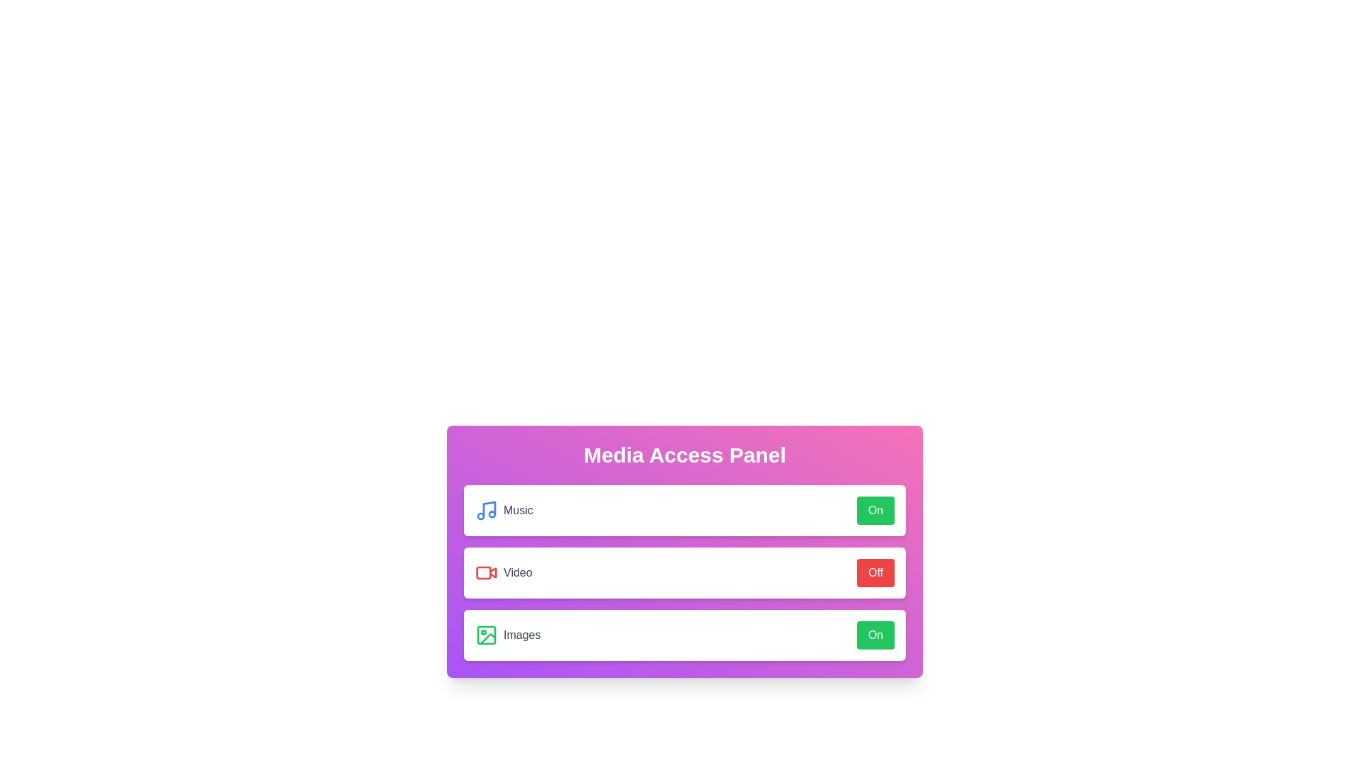 This screenshot has width=1360, height=765. Describe the element at coordinates (486, 635) in the screenshot. I see `the images icon to interact visually` at that location.